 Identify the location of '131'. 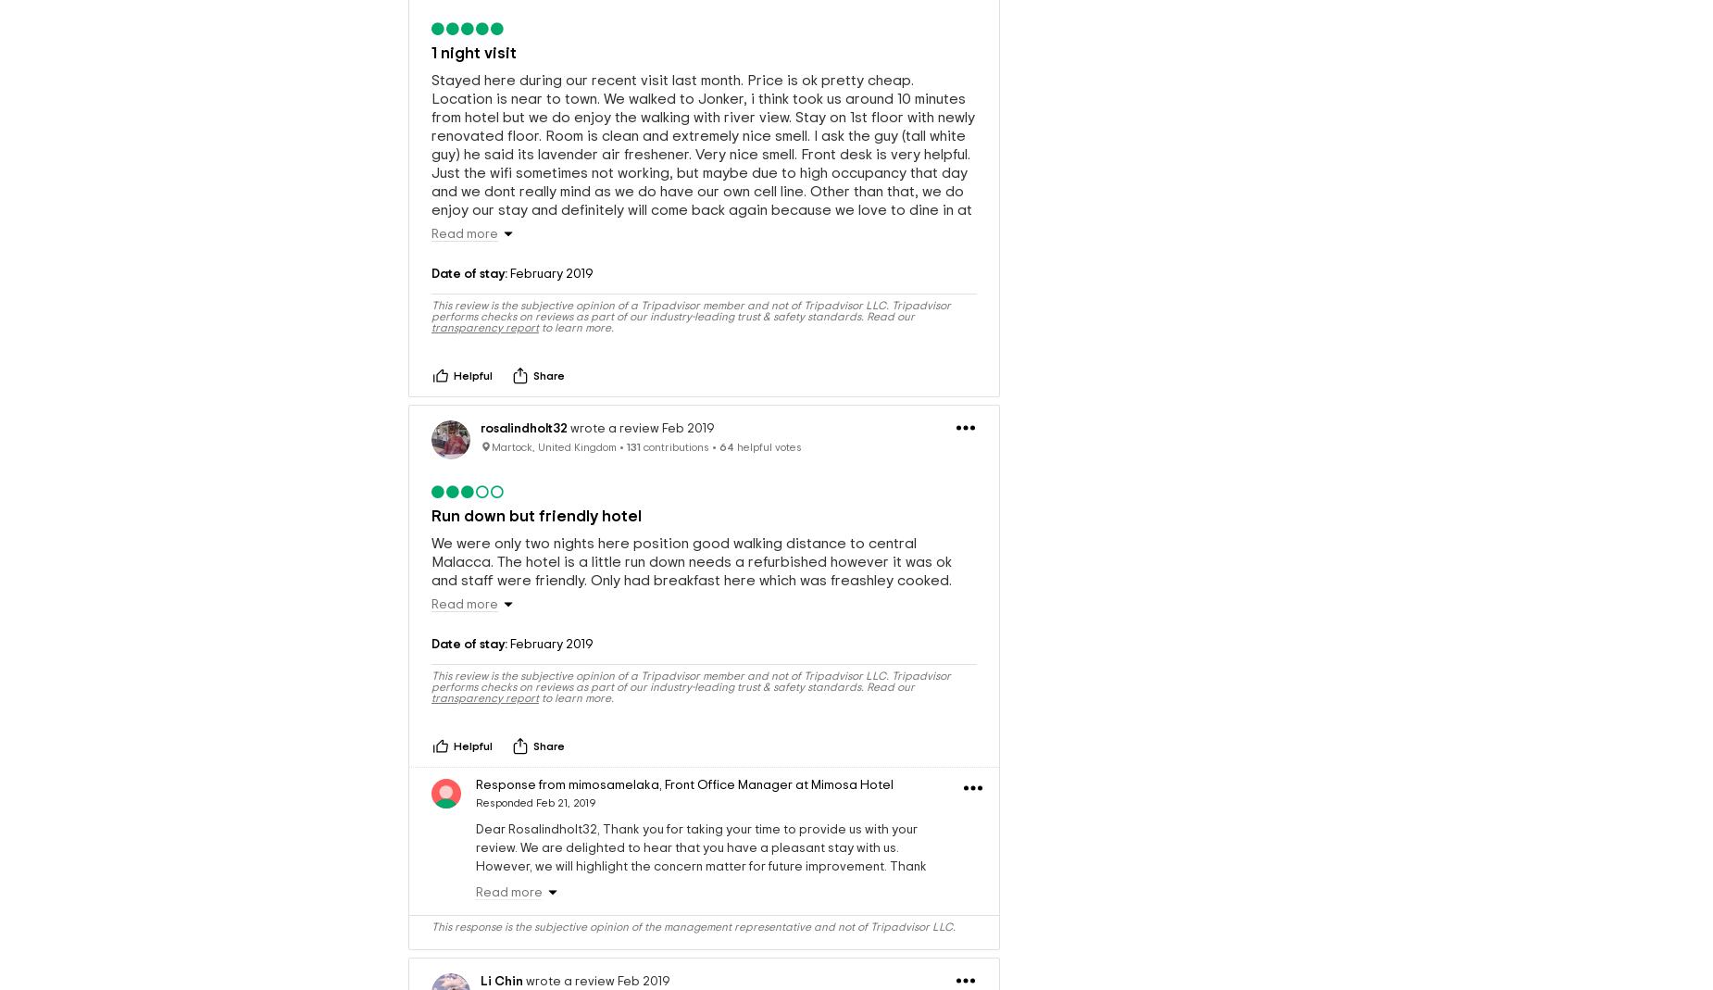
(633, 445).